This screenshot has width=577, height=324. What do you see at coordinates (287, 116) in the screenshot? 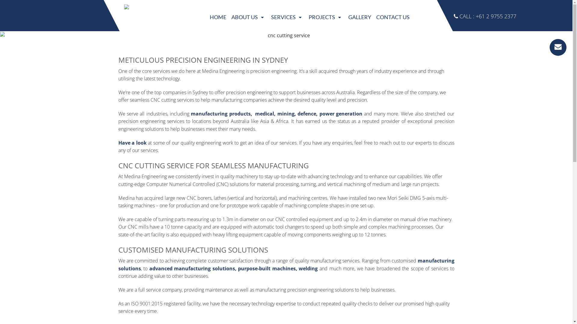
I see `'OILES DISTRIBUTION'` at bounding box center [287, 116].